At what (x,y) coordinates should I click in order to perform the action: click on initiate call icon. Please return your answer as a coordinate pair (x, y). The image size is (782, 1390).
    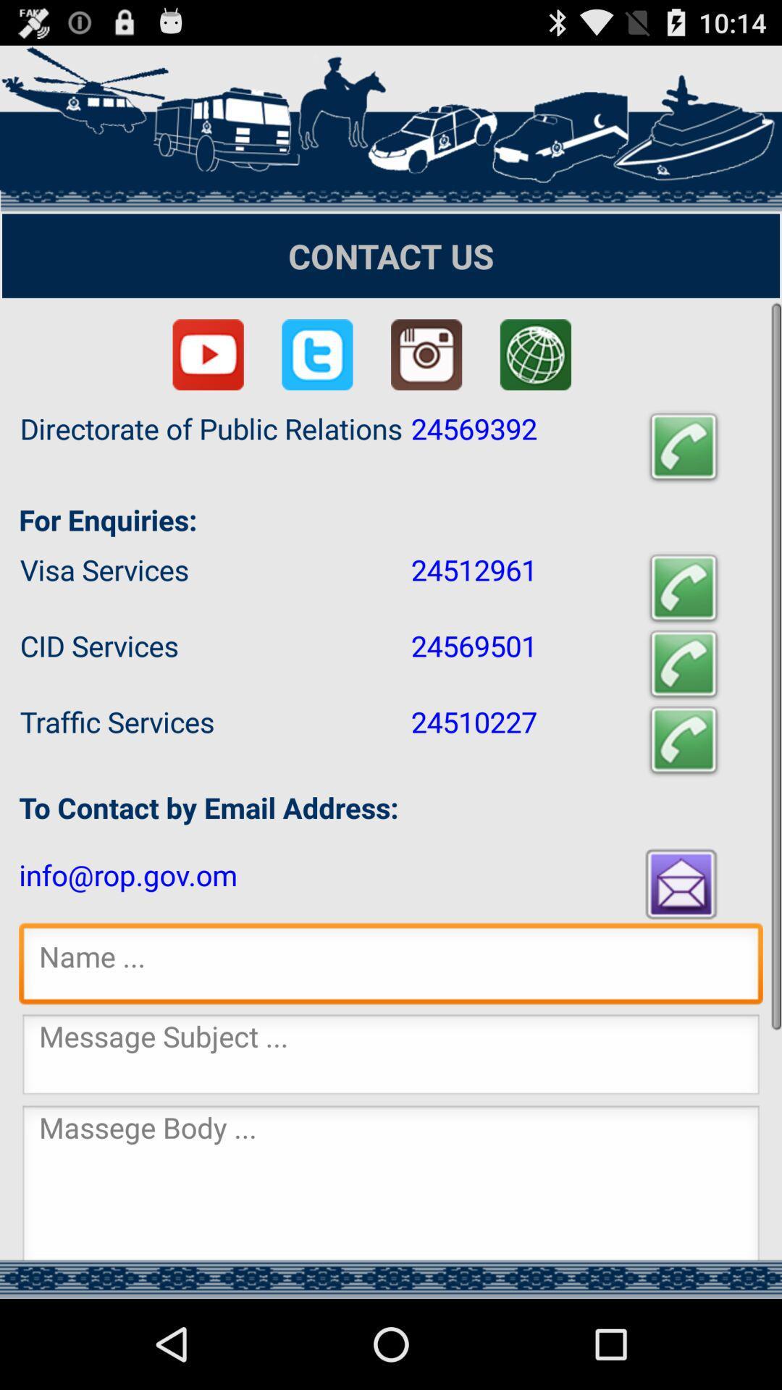
    Looking at the image, I should click on (684, 447).